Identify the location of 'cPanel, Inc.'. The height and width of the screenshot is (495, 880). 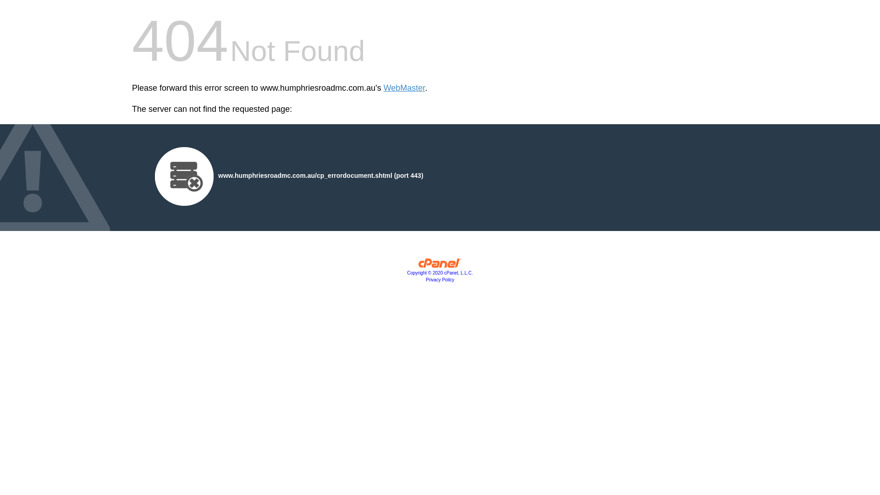
(440, 265).